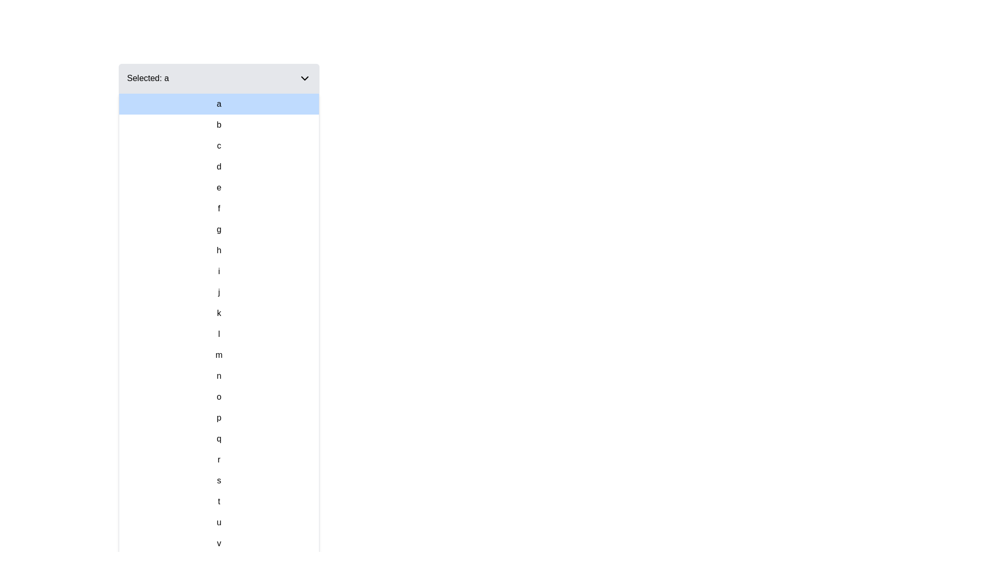 This screenshot has width=1004, height=565. Describe the element at coordinates (218, 187) in the screenshot. I see `the medium-sized lowercase letter 'e', which is the fifth element in a vertical list of letters` at that location.